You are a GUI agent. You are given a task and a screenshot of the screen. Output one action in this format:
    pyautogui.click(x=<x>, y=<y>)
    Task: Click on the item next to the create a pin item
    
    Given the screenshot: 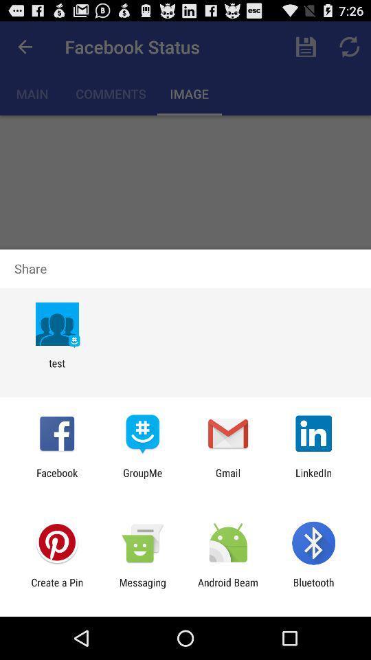 What is the action you would take?
    pyautogui.click(x=142, y=588)
    